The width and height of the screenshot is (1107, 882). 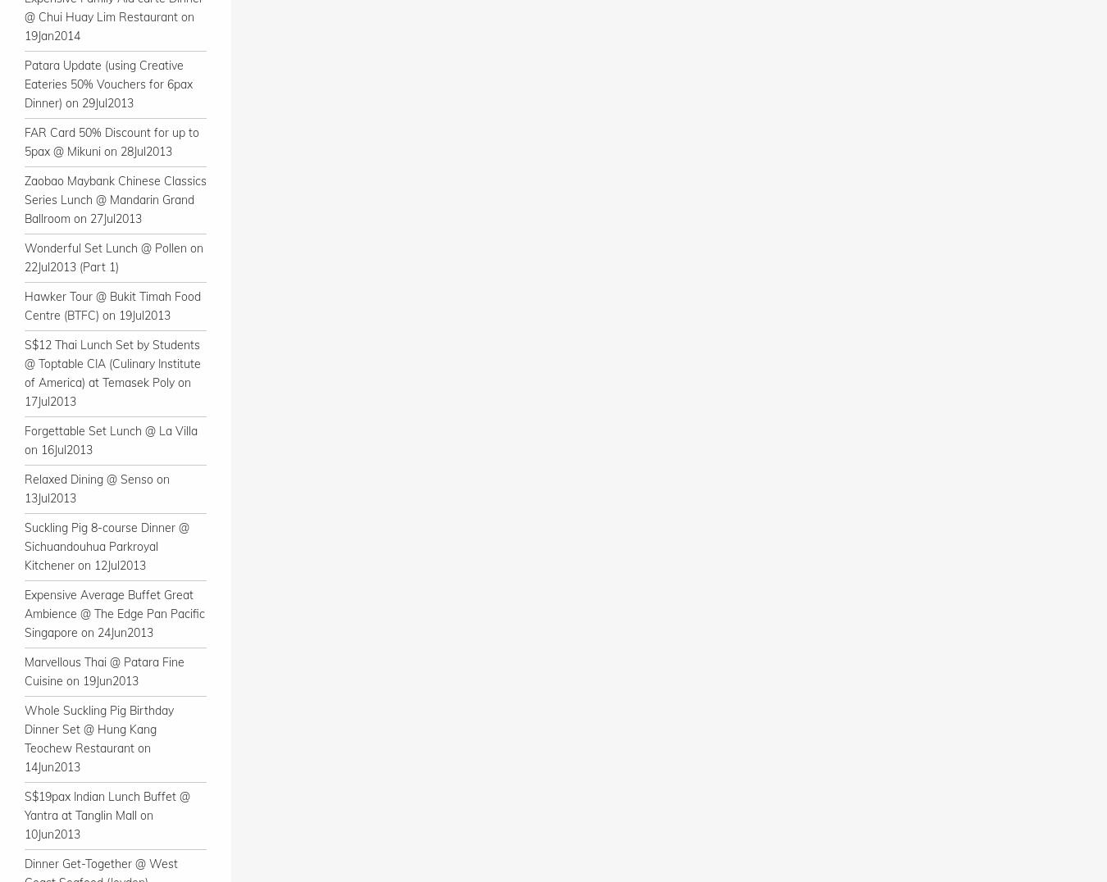 I want to click on 'Hawker Tour @ Bukit Timah Food Centre (BTFC) on 19Jul2013', so click(x=112, y=305).